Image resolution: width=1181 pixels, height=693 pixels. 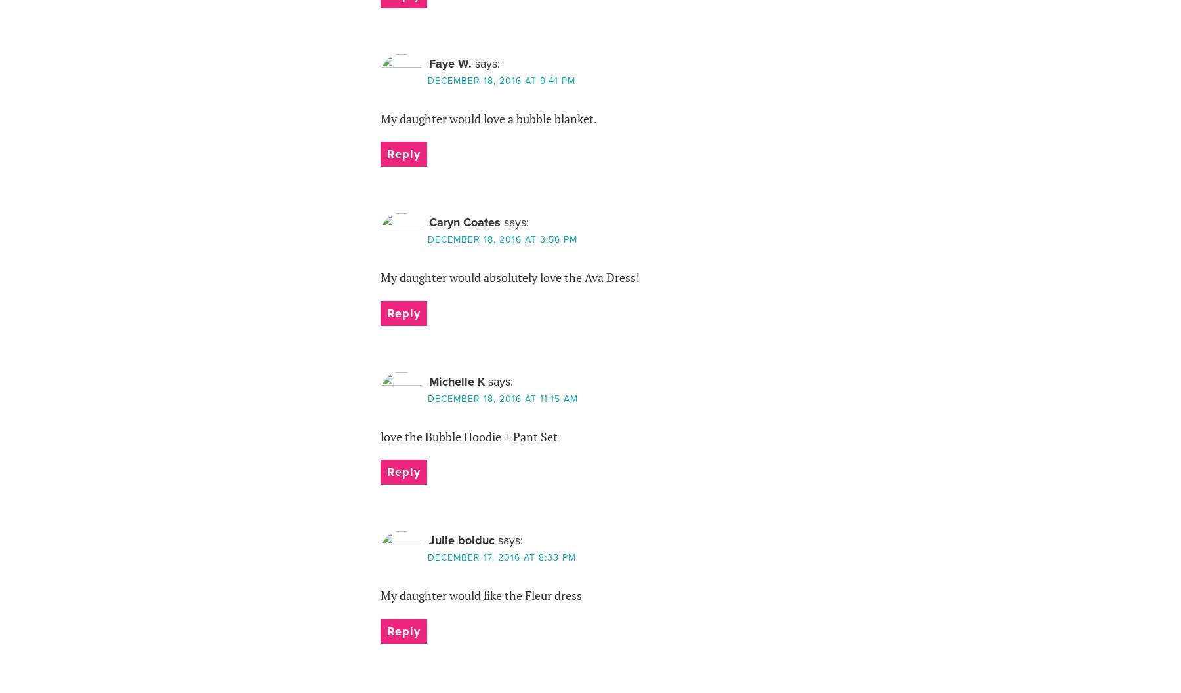 I want to click on 'Julie bolduc', so click(x=461, y=540).